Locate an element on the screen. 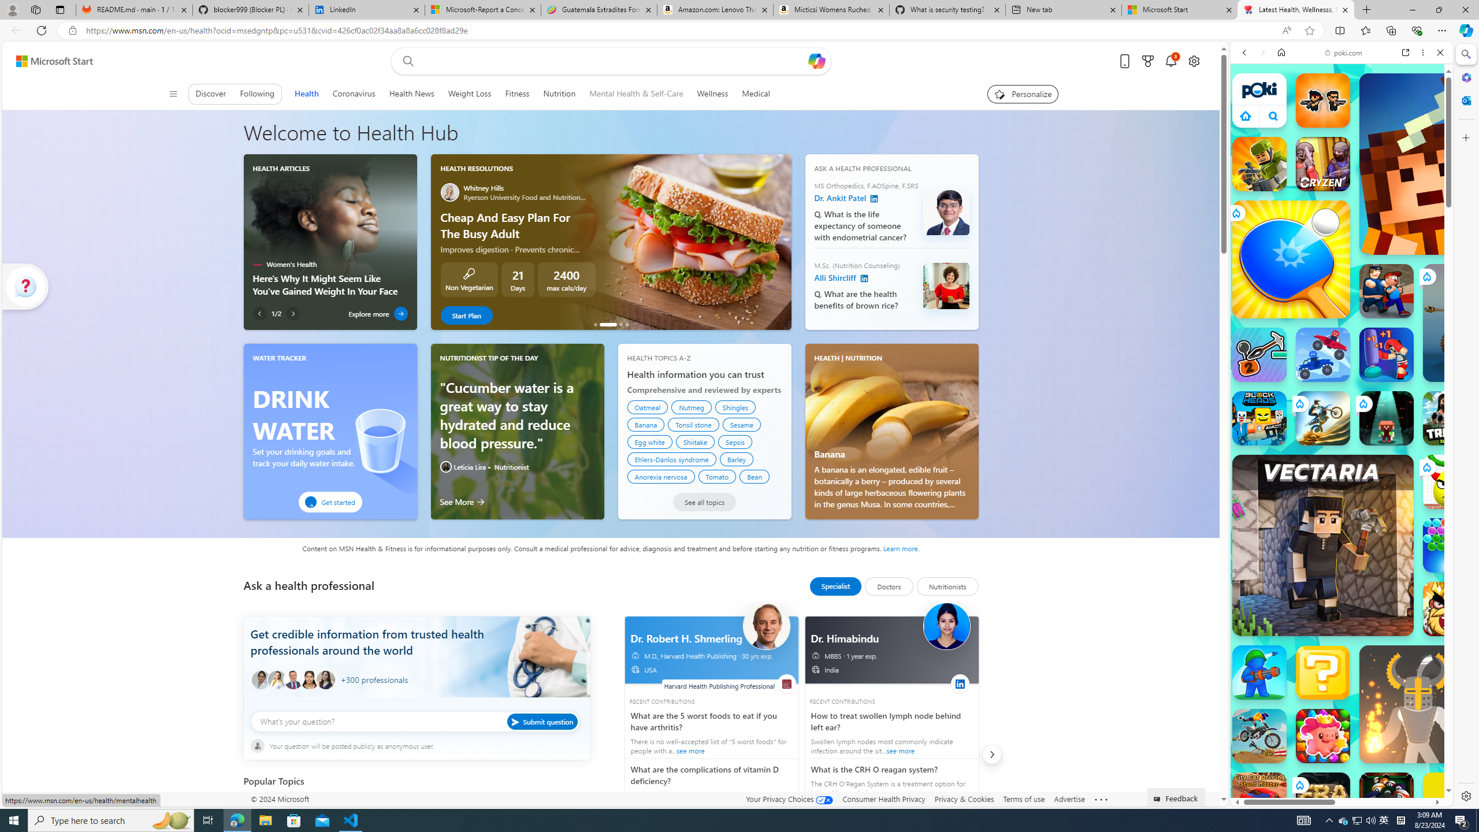 This screenshot has height=832, width=1479. 'Stunt Bike Extreme Stunt Bike Extreme' is located at coordinates (1322, 418).